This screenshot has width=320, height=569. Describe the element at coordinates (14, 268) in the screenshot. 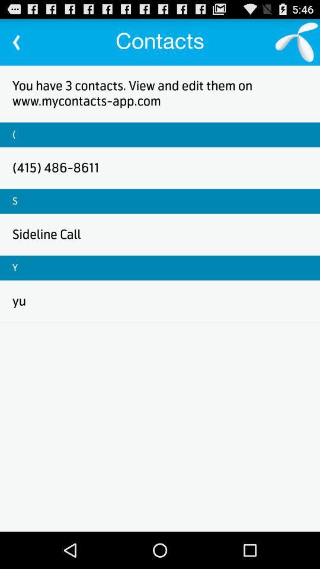

I see `the icon below sideline call icon` at that location.